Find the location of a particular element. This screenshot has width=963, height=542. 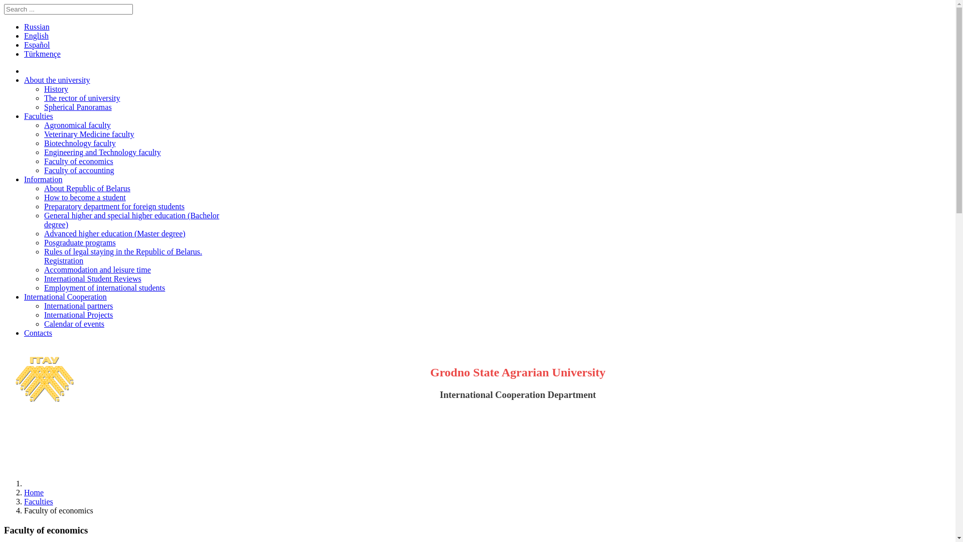

'About Republic of Belarus' is located at coordinates (87, 188).